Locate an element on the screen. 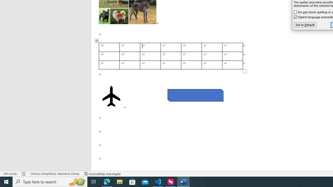 The image size is (333, 187). 'Search highlights icon opens search home window' is located at coordinates (76, 181).